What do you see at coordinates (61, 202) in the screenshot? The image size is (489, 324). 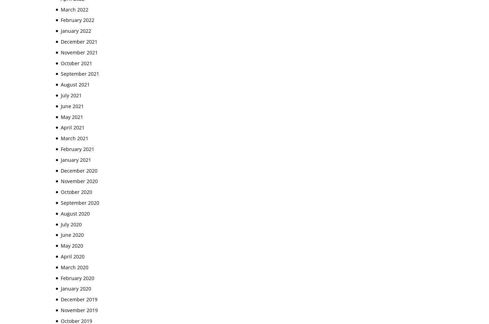 I see `'September 2020'` at bounding box center [61, 202].